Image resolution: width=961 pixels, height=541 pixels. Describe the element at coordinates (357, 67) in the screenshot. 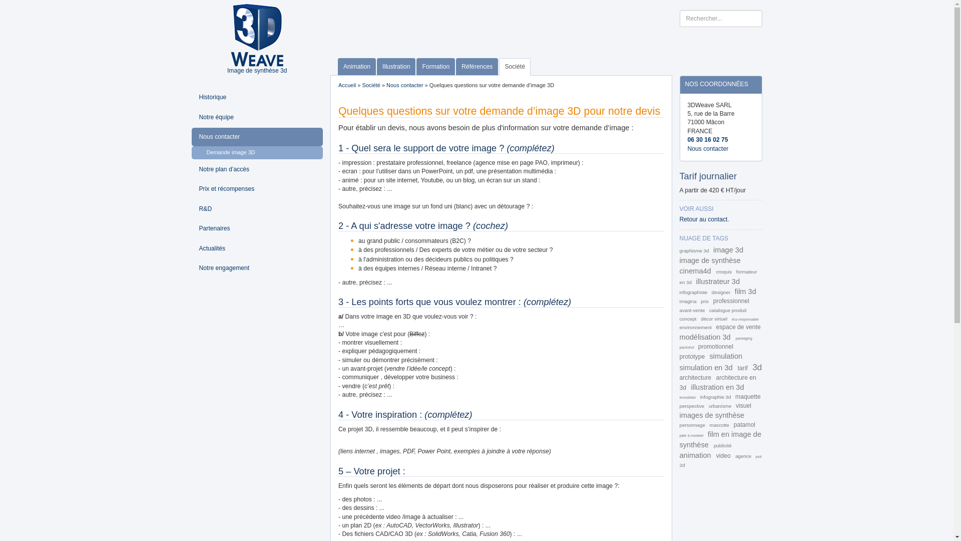

I see `'Animation'` at that location.